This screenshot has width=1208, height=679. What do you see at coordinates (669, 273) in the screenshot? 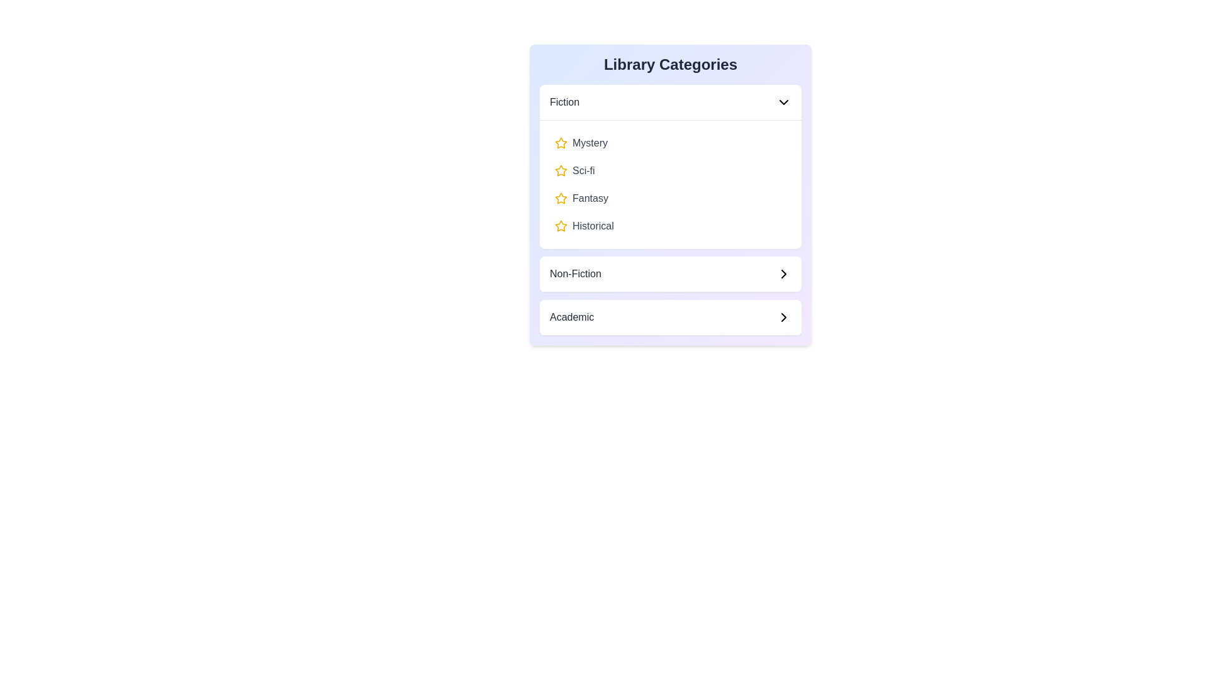
I see `the header of the category Non-Fiction to expand or collapse it` at bounding box center [669, 273].